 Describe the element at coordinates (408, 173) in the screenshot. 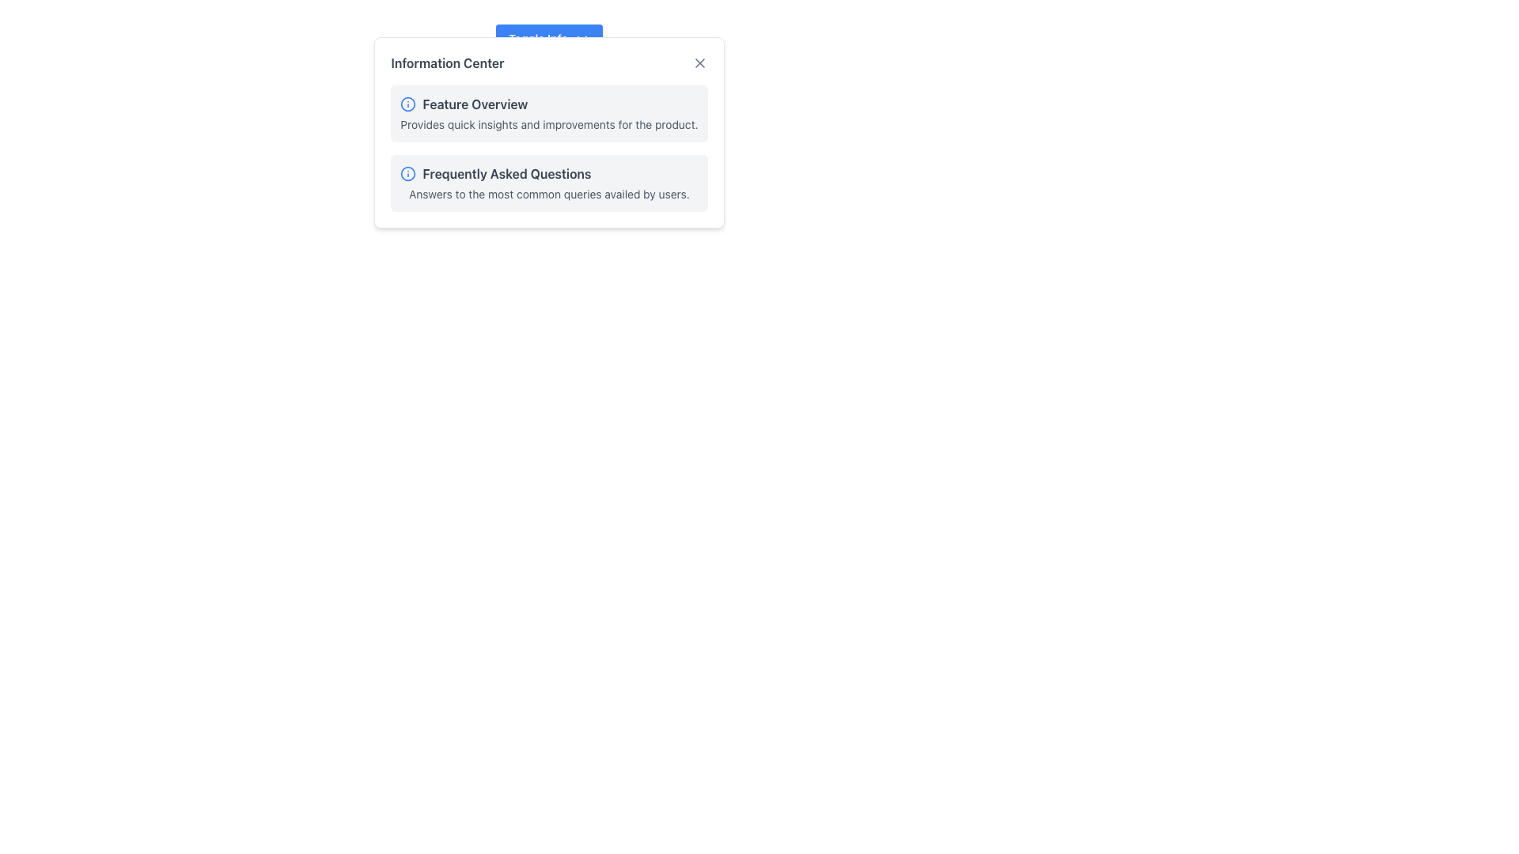

I see `the information icon located to the left of the 'Frequently Asked Questions' text in the 'Information Center' modal` at that location.